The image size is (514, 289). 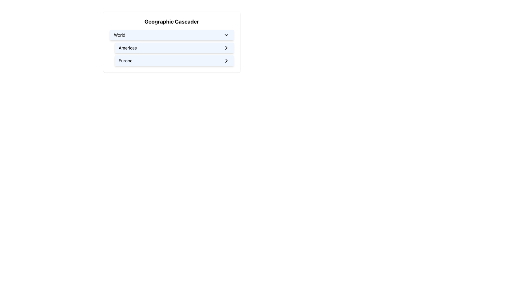 What do you see at coordinates (174, 47) in the screenshot?
I see `the 'Americas' region option in the geographic cascader list, which is the topmost option under the 'World' dropdown` at bounding box center [174, 47].